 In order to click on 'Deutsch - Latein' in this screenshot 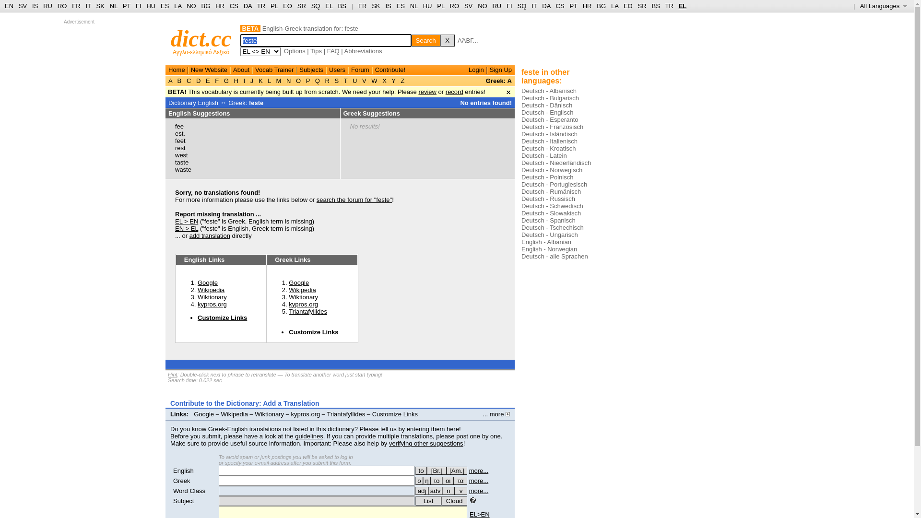, I will do `click(544, 155)`.